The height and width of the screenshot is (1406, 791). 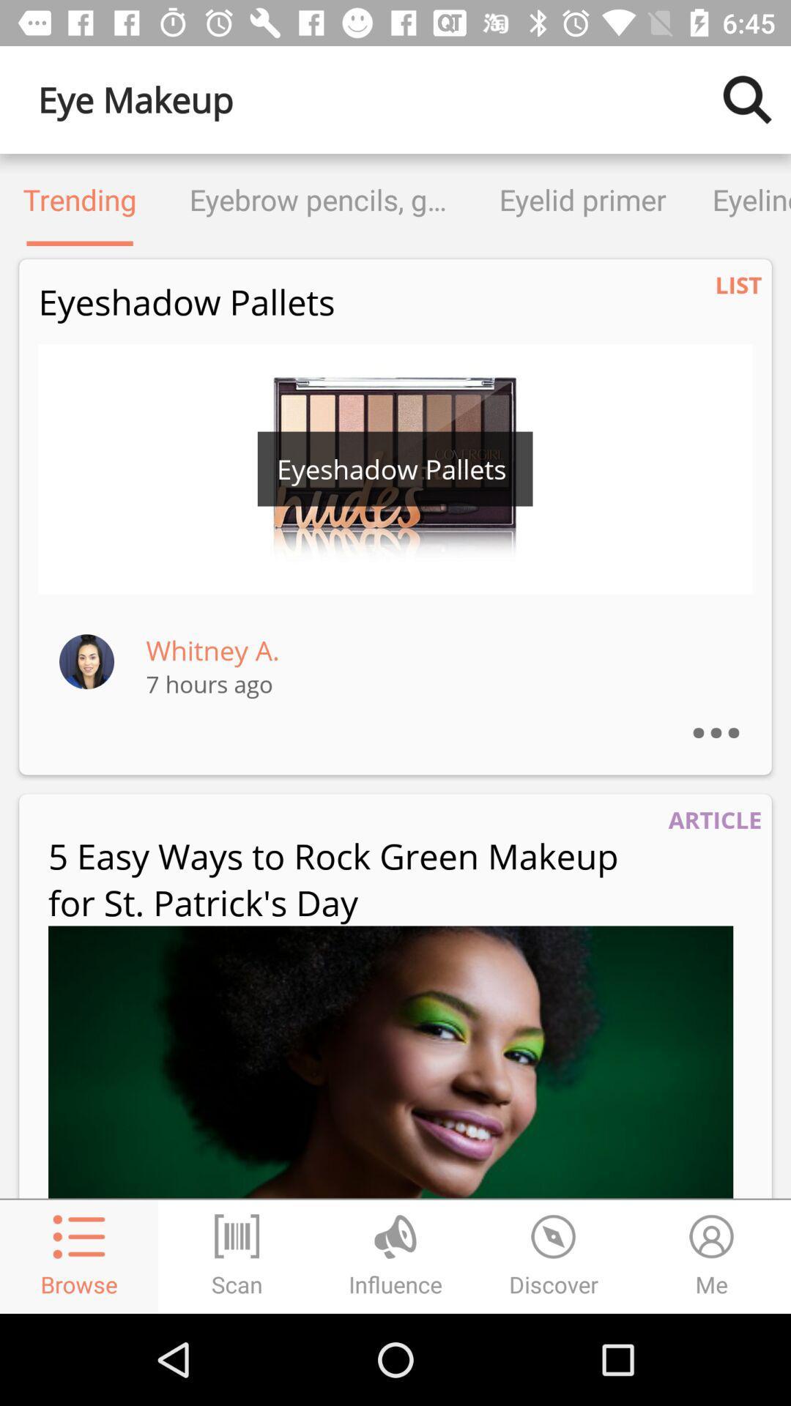 What do you see at coordinates (730, 713) in the screenshot?
I see `item to the right of whitney a. item` at bounding box center [730, 713].